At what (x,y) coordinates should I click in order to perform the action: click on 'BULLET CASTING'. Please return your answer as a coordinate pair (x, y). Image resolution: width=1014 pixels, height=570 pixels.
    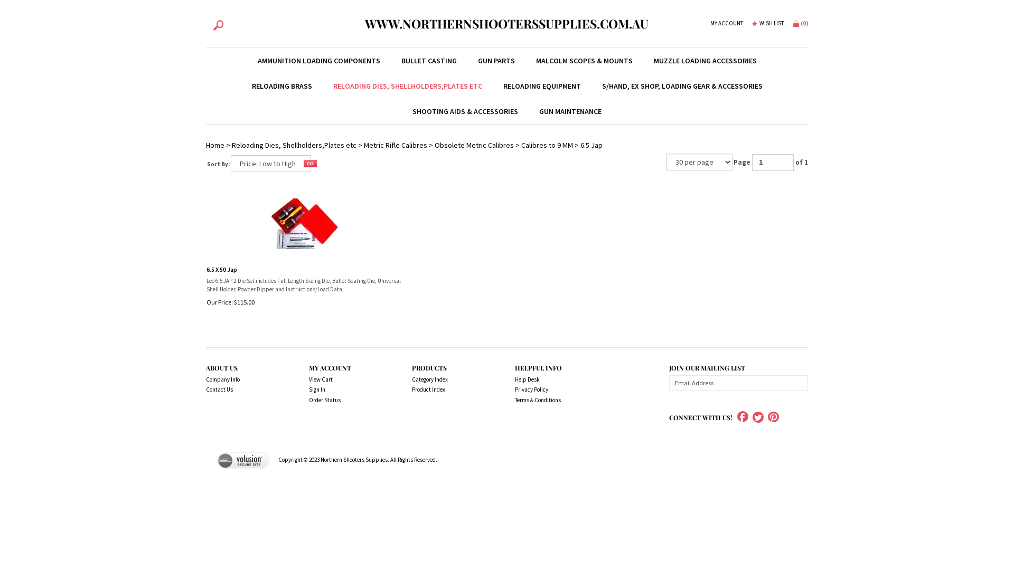
    Looking at the image, I should click on (429, 61).